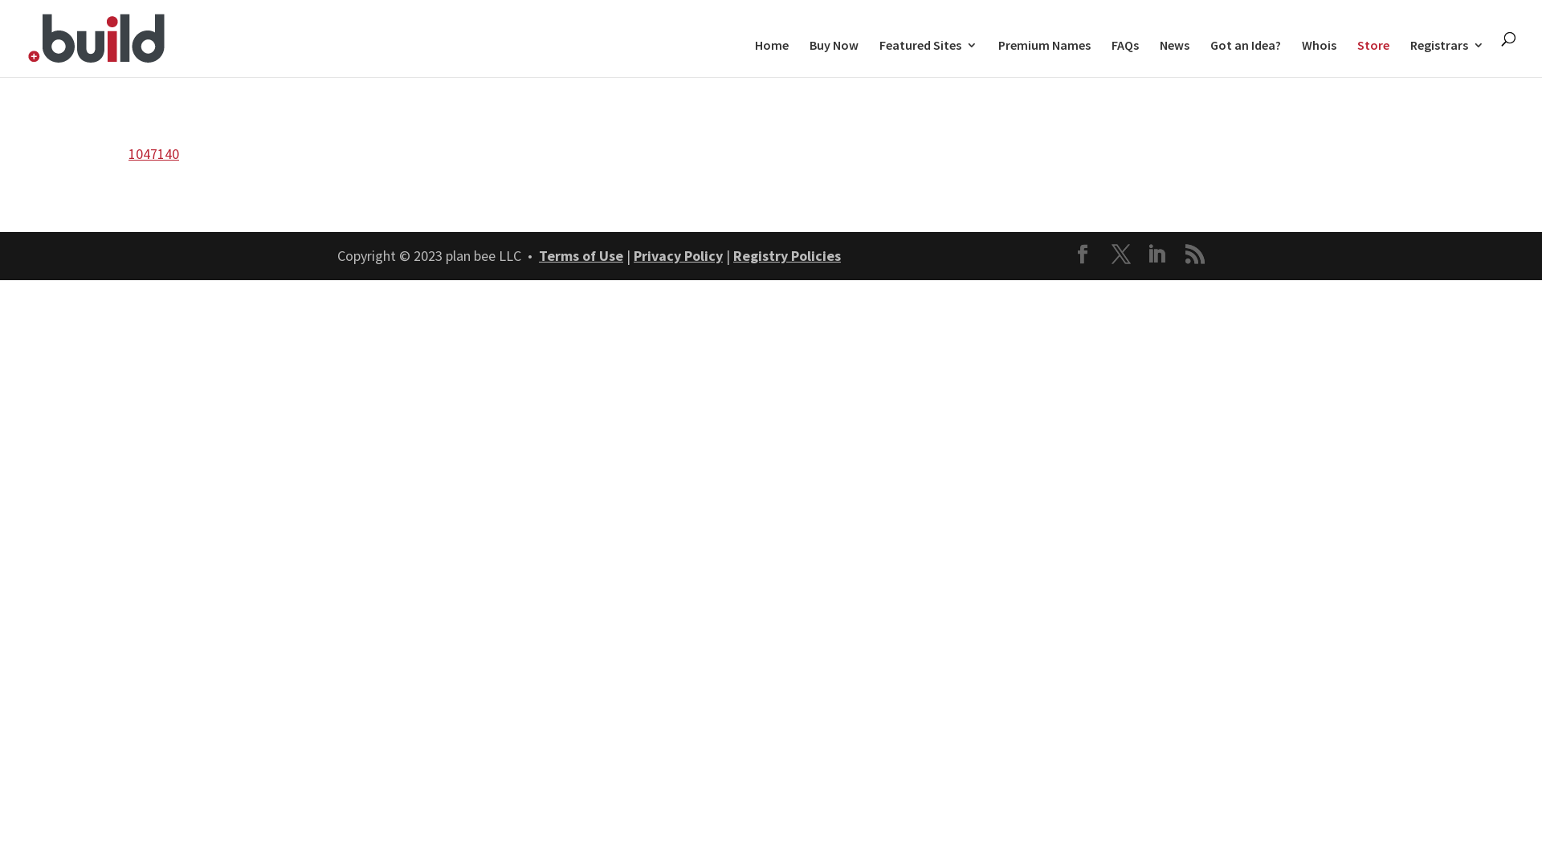 Image resolution: width=1542 pixels, height=867 pixels. I want to click on 'FAQs', so click(1124, 57).